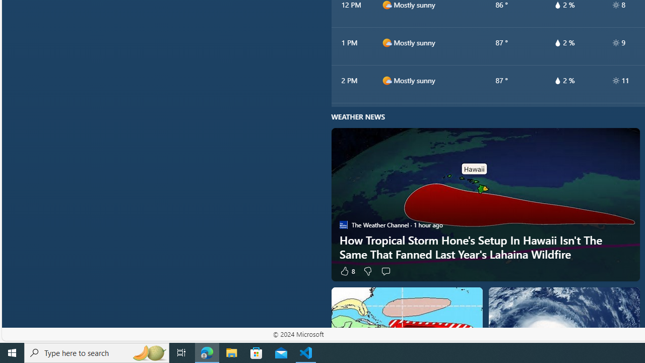 Image resolution: width=645 pixels, height=363 pixels. What do you see at coordinates (347, 270) in the screenshot?
I see `'8 Like'` at bounding box center [347, 270].